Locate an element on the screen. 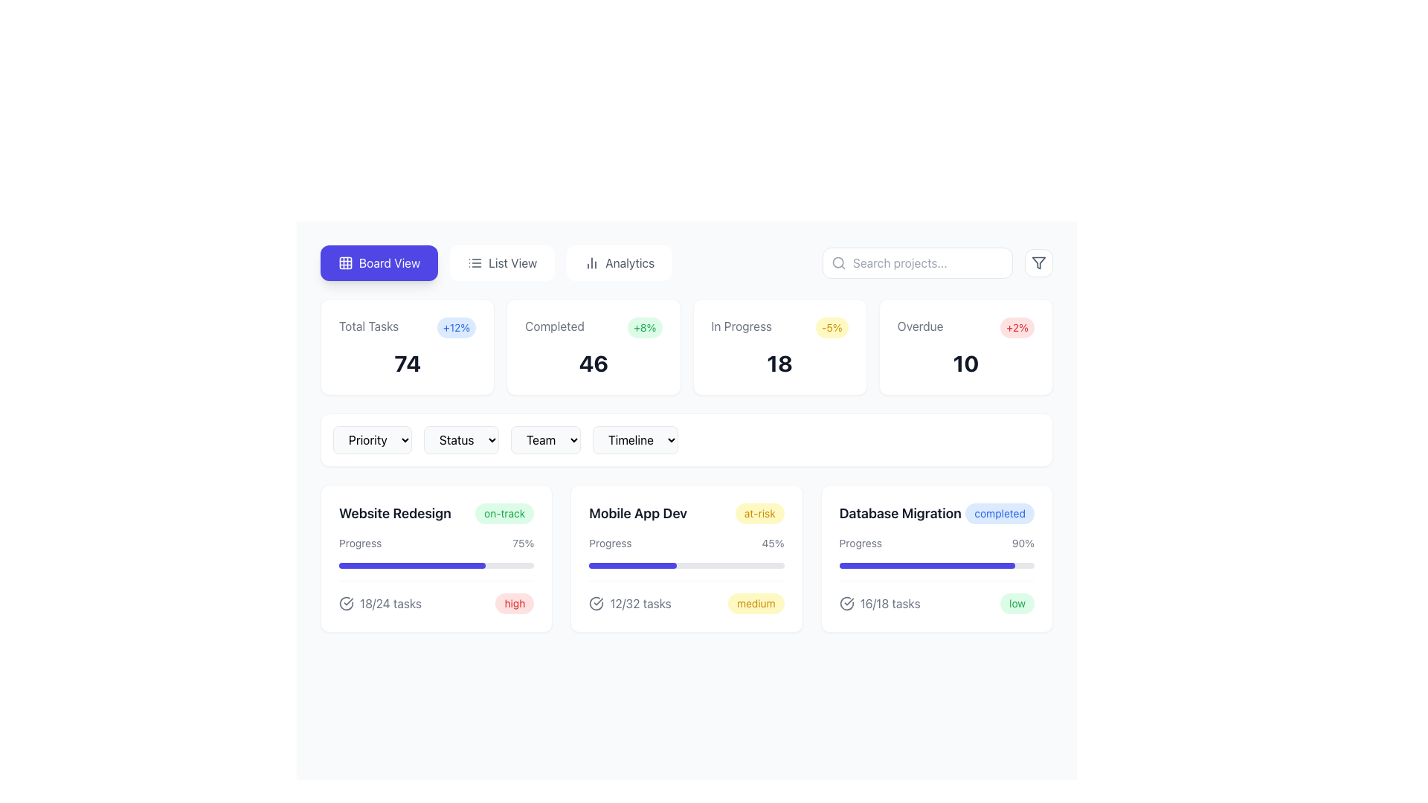 The height and width of the screenshot is (803, 1428). the third tab labeled 'Analytics' is located at coordinates (620, 262).